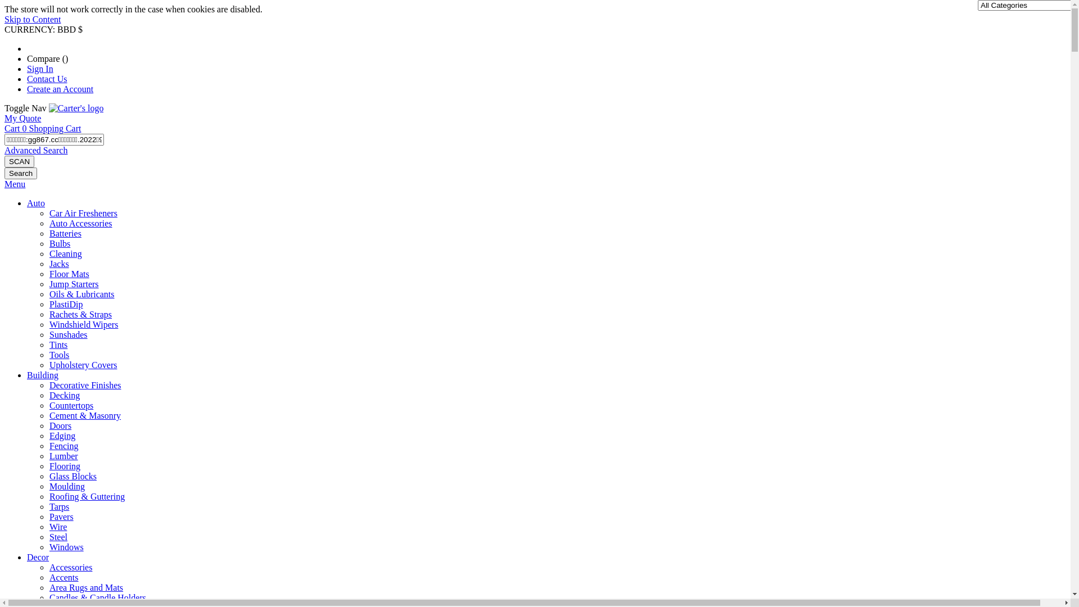 This screenshot has height=607, width=1079. What do you see at coordinates (85, 384) in the screenshot?
I see `'Decorative Finishes'` at bounding box center [85, 384].